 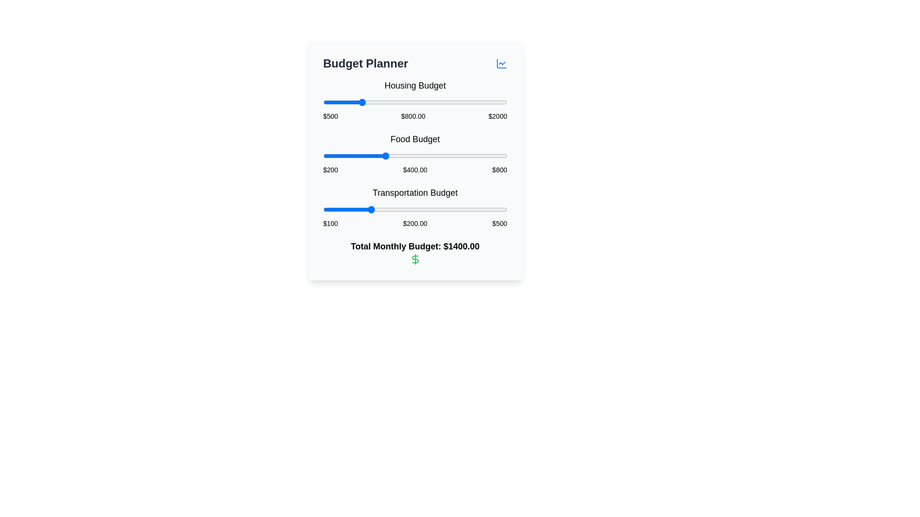 What do you see at coordinates (482, 209) in the screenshot?
I see `the transportation budget` at bounding box center [482, 209].